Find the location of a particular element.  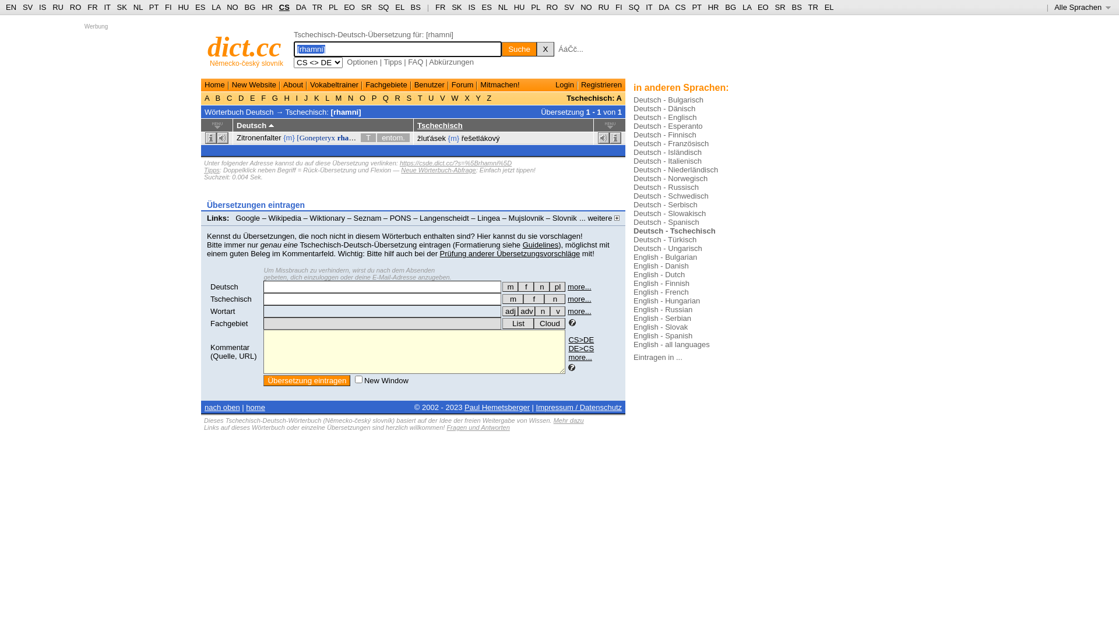

'HR' is located at coordinates (266, 7).